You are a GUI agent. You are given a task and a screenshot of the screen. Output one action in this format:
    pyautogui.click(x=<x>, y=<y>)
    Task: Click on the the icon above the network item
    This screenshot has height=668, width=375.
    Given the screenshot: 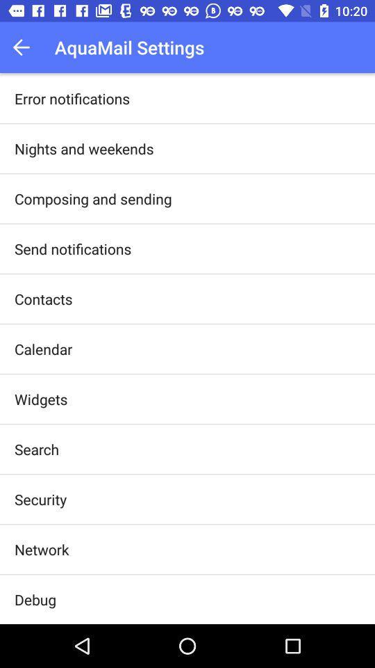 What is the action you would take?
    pyautogui.click(x=40, y=499)
    